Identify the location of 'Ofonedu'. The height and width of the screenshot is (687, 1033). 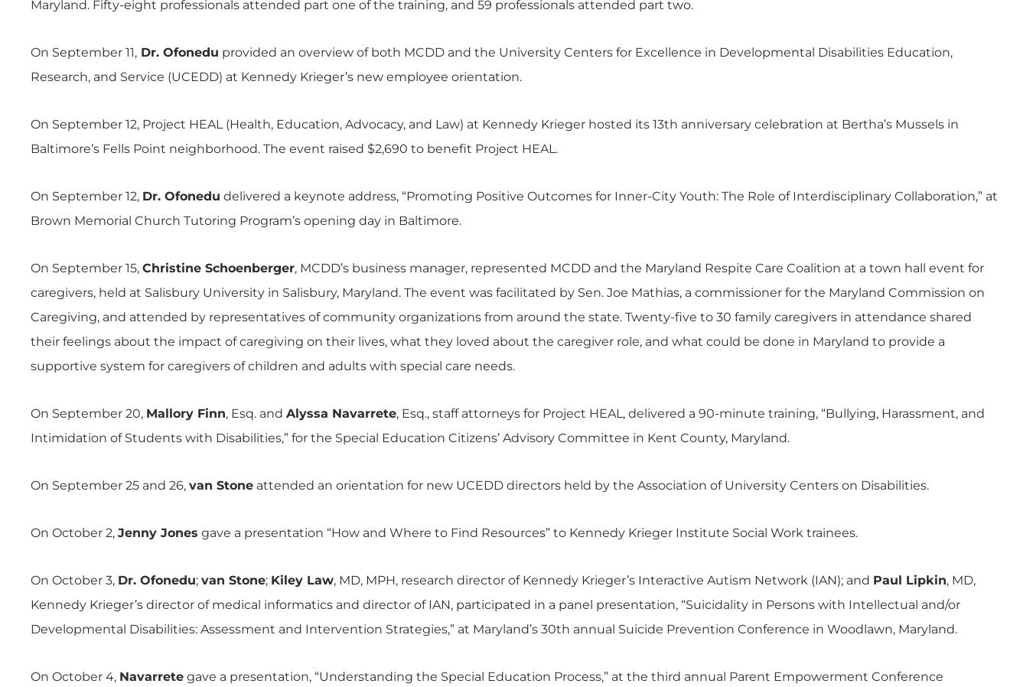
(163, 51).